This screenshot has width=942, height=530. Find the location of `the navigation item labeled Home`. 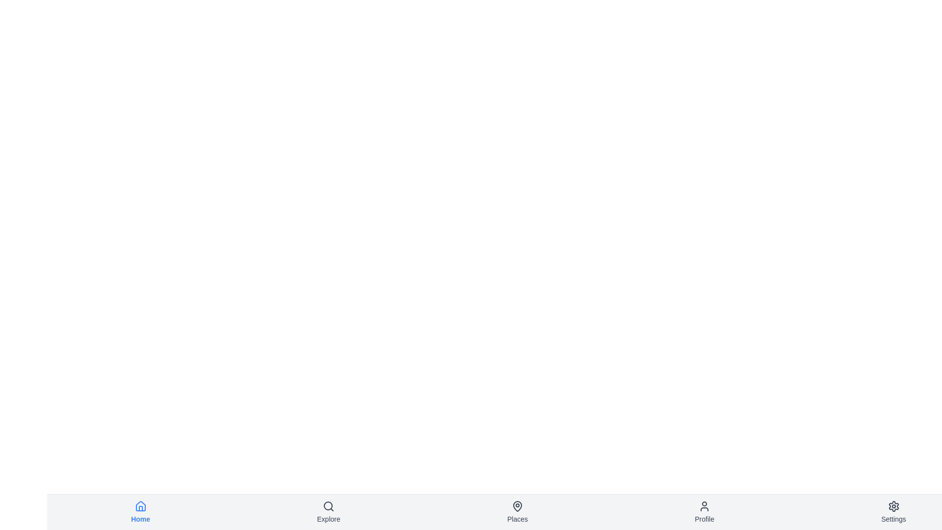

the navigation item labeled Home is located at coordinates (140, 512).